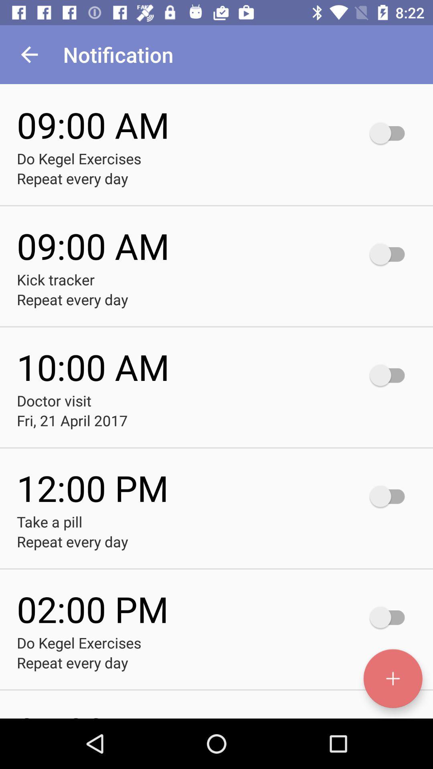  Describe the element at coordinates (391, 375) in the screenshot. I see `notification on button which is in 1000am right side to doctor visit` at that location.